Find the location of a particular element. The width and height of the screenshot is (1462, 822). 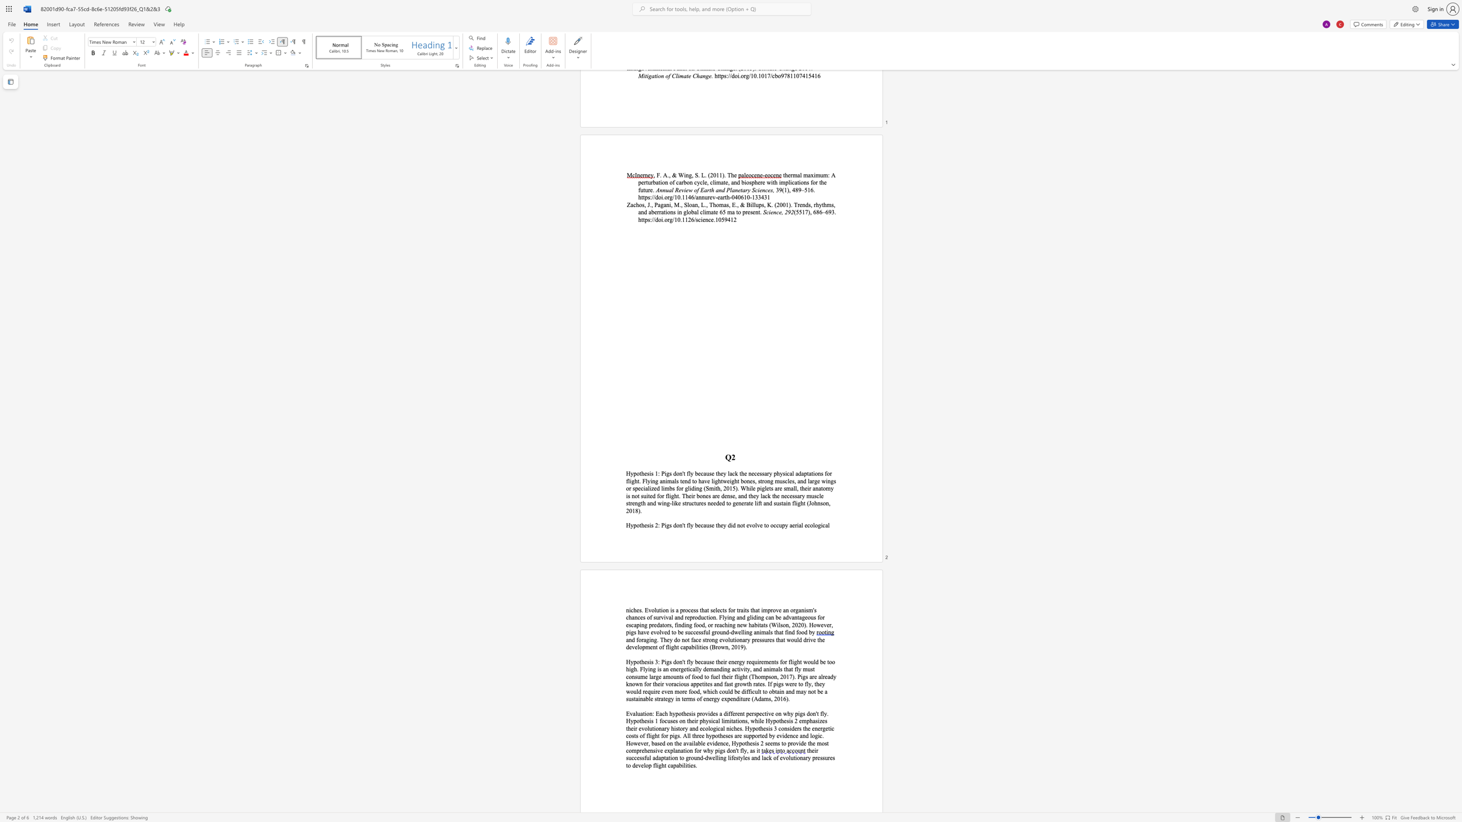

the 1th character "i" in the text is located at coordinates (650, 661).